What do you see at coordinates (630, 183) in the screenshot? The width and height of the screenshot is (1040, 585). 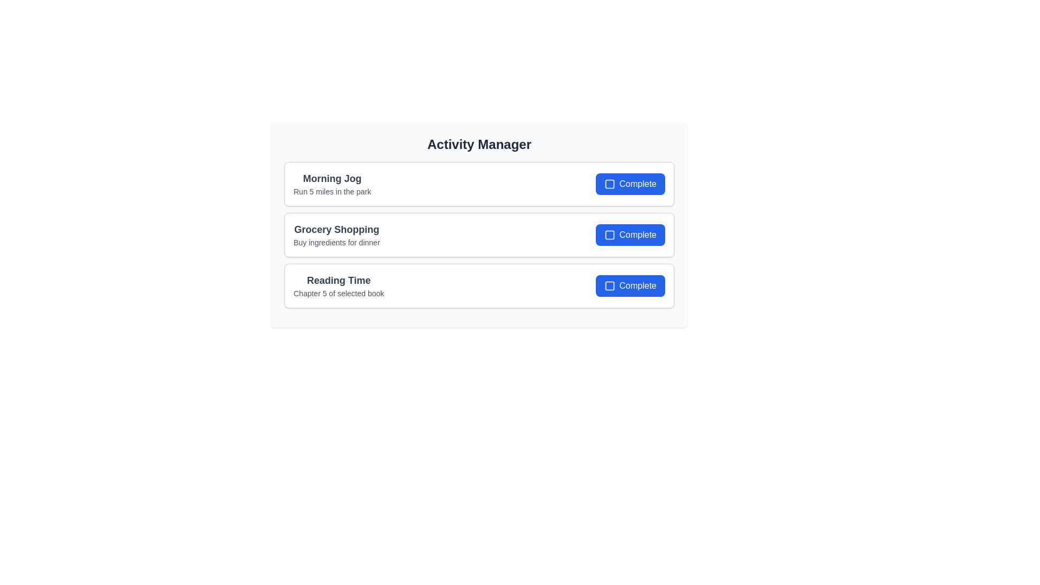 I see `the button with an embedded checkbox icon located at the top of the vertical list to mark the task 'Morning Jog' as complete` at bounding box center [630, 183].